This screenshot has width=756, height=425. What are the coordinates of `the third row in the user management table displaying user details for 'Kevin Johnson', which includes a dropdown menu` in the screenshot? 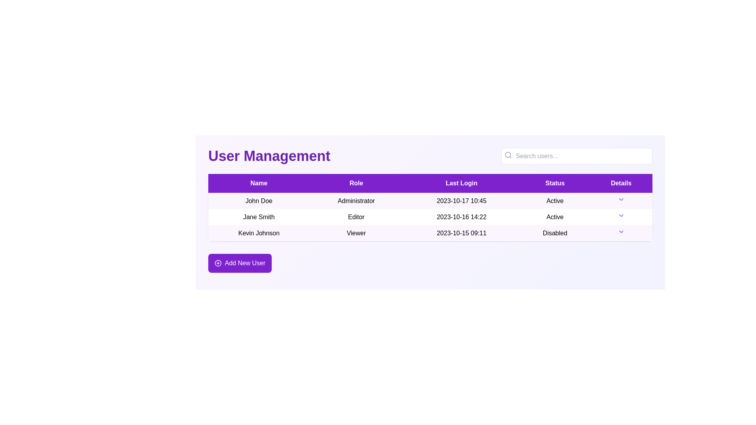 It's located at (430, 232).